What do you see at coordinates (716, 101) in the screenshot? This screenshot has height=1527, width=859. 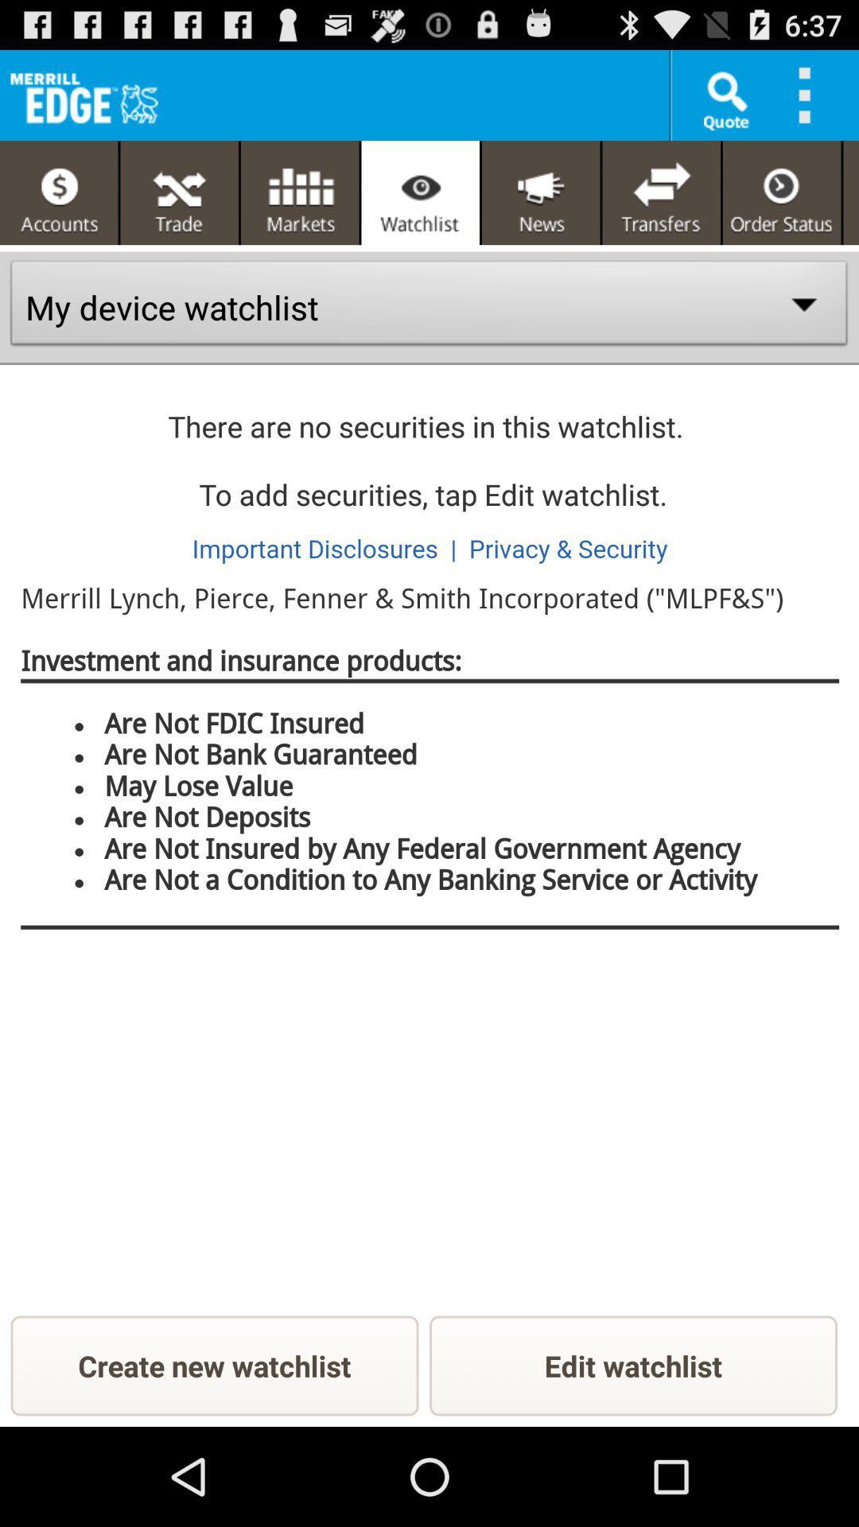 I see `the search icon` at bounding box center [716, 101].